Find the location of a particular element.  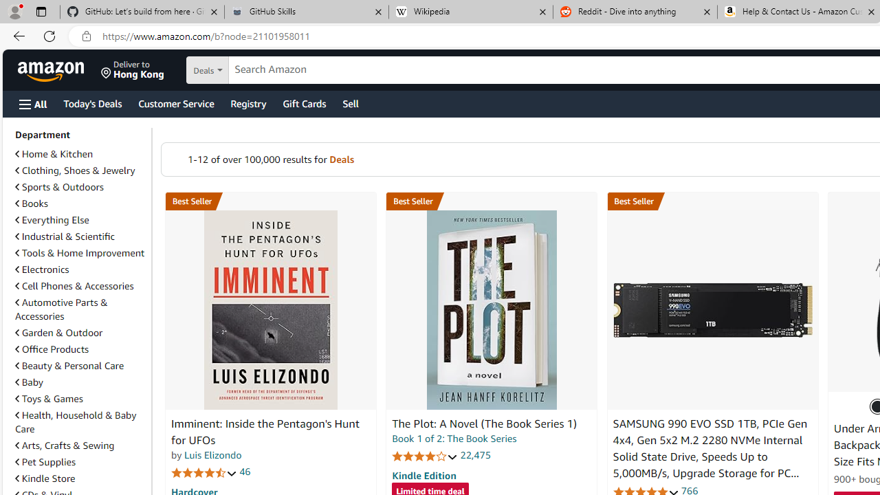

'Everything Else' is located at coordinates (80, 219).